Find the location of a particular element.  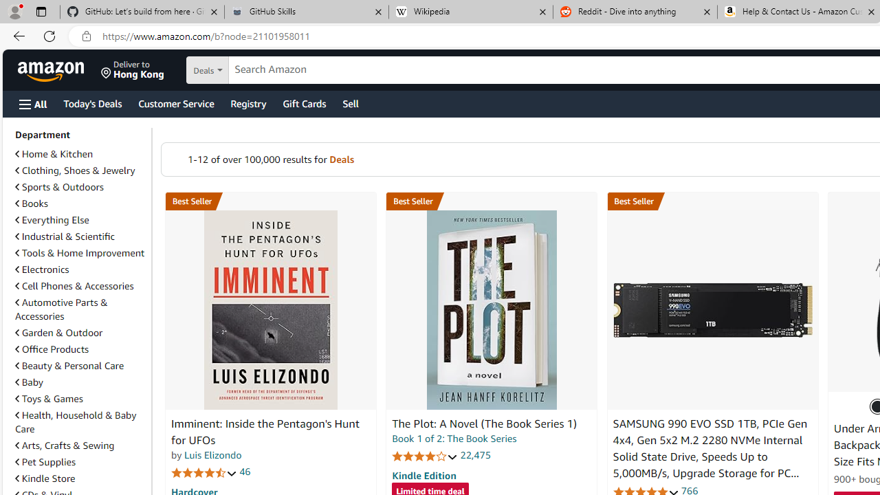

'Everything Else' is located at coordinates (80, 219).